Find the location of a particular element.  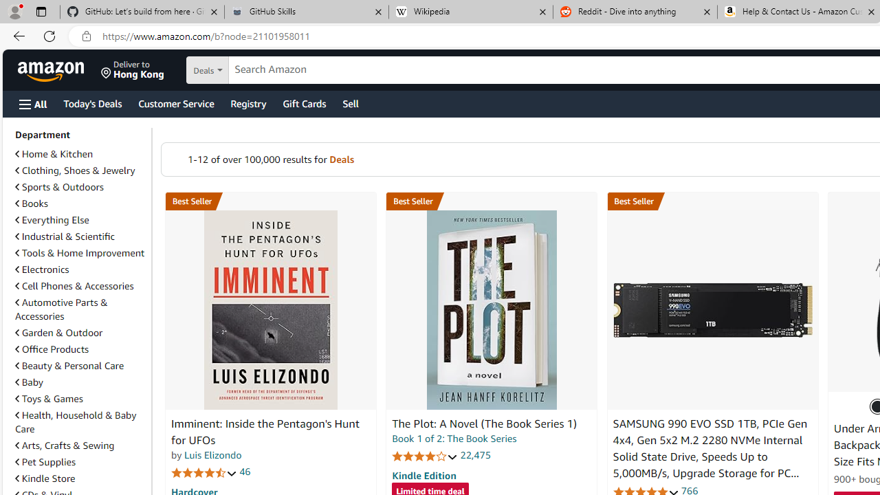

'Everything Else' is located at coordinates (80, 219).